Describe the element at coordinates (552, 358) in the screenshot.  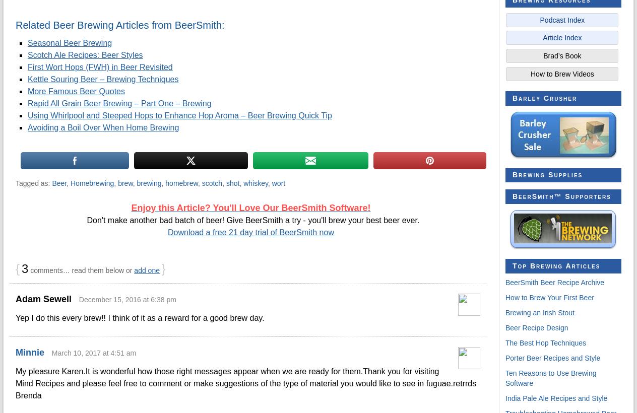
I see `'Porter Beer Recipes and Style'` at that location.